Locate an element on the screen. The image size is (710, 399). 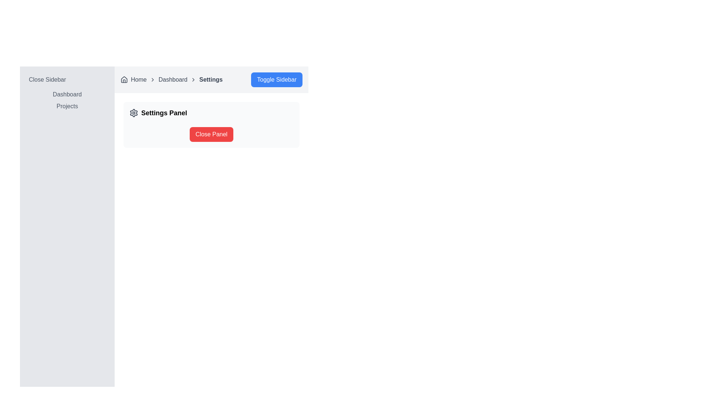
the text display element containing the lines 'Dashboard' and 'Projects' in the sidebar panel is located at coordinates (67, 100).